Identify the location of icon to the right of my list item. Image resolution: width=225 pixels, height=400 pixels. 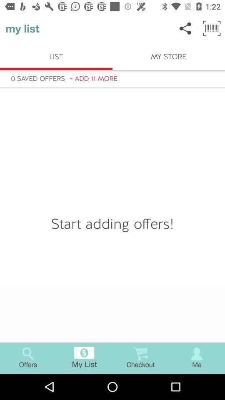
(185, 28).